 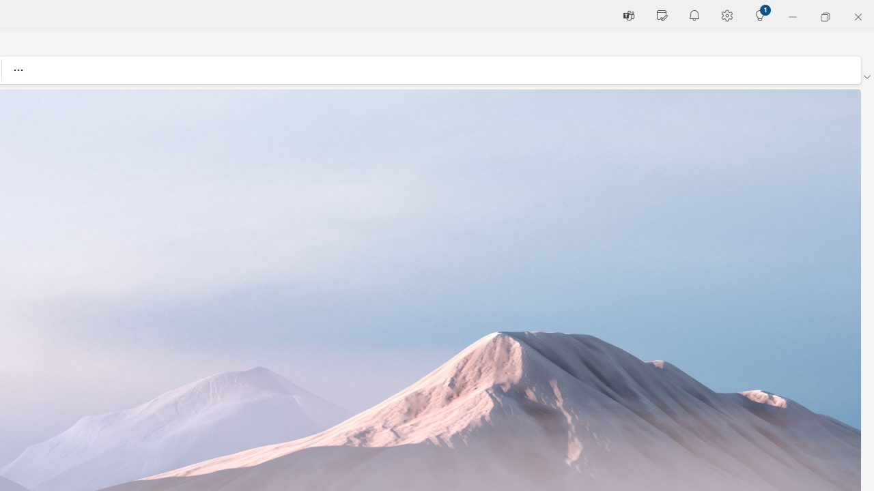 What do you see at coordinates (18, 70) in the screenshot?
I see `'More options'` at bounding box center [18, 70].